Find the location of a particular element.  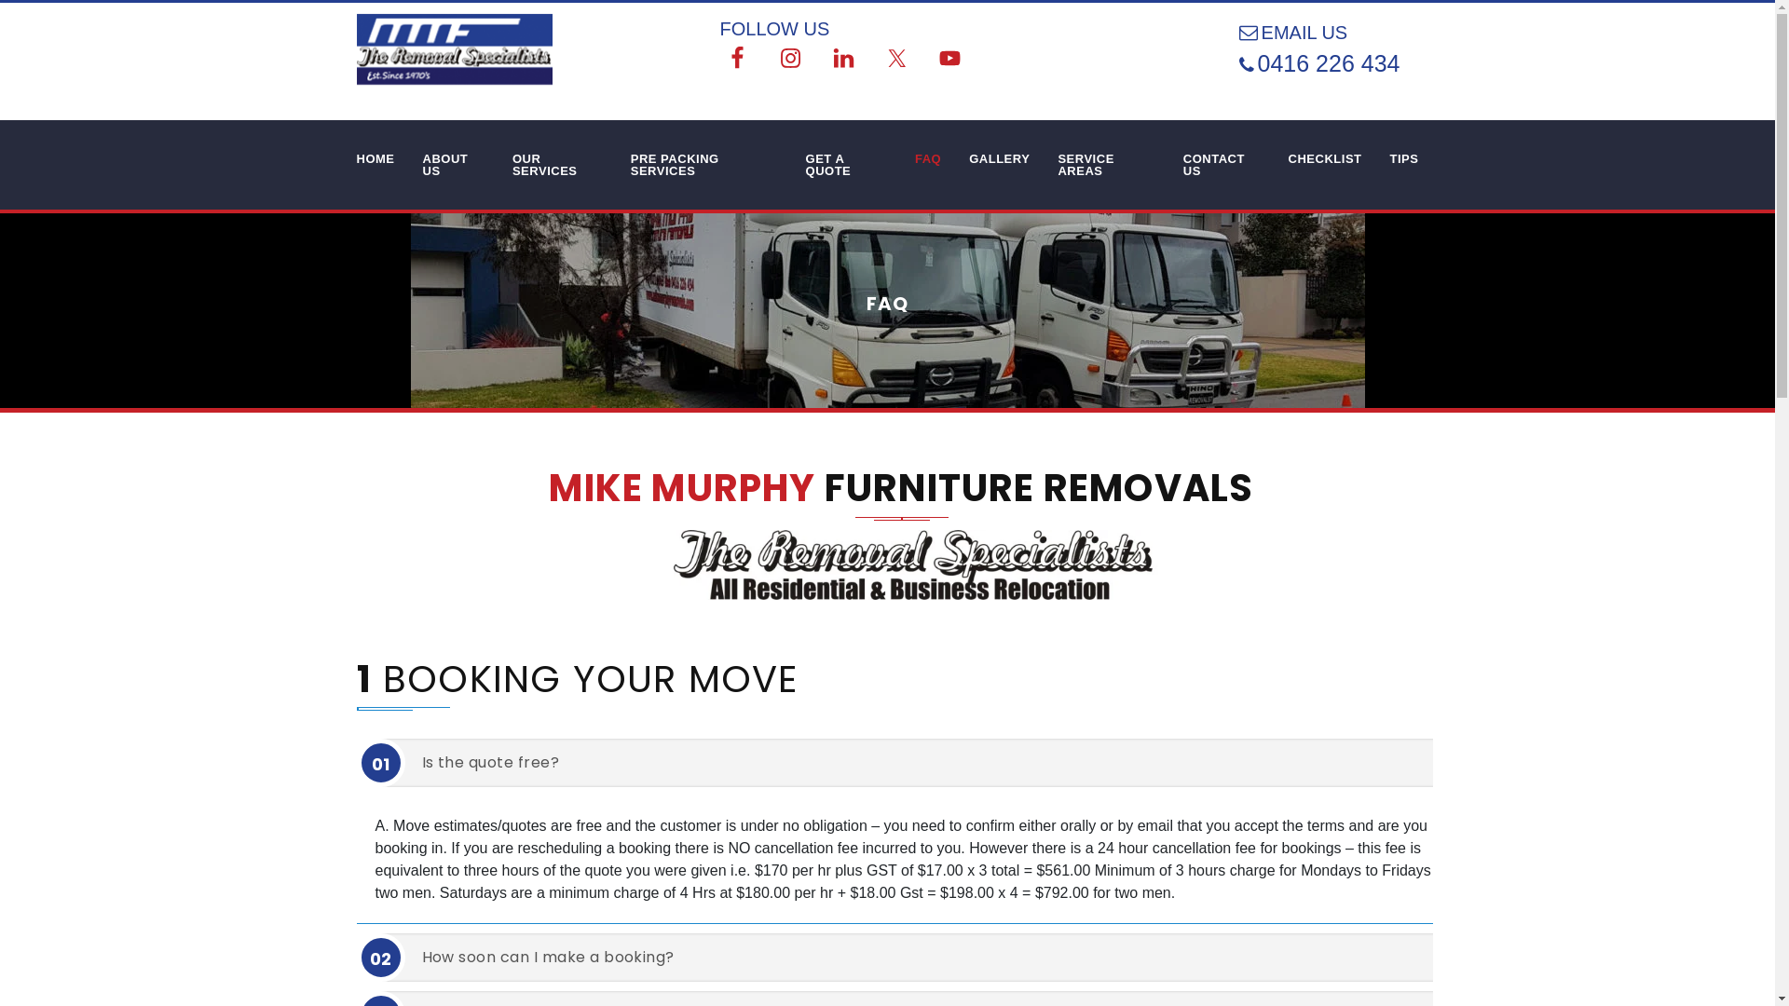

'ABOUT US' is located at coordinates (453, 164).